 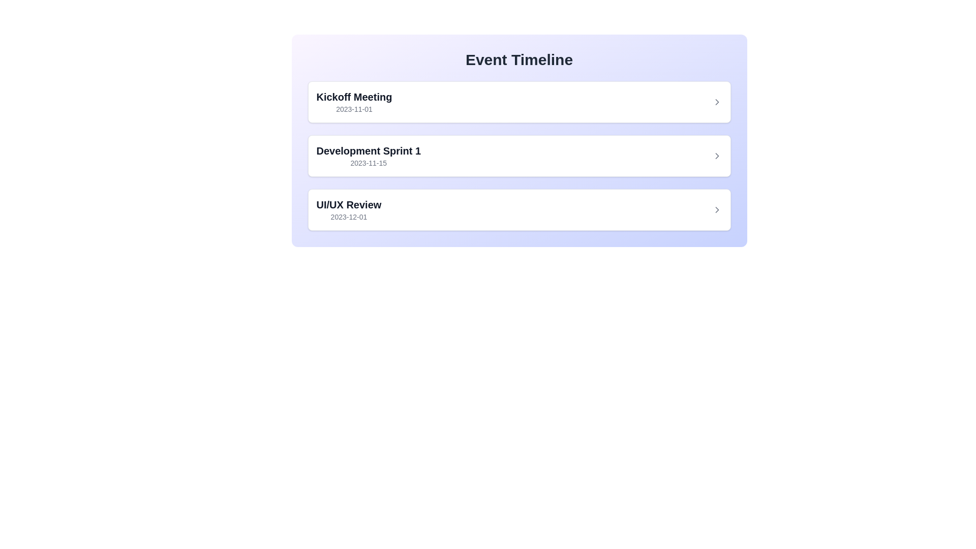 What do you see at coordinates (349, 204) in the screenshot?
I see `the text label that serves as the title or description for the associated card in the 'Event Timeline', positioned above the date '2023-12-01'` at bounding box center [349, 204].